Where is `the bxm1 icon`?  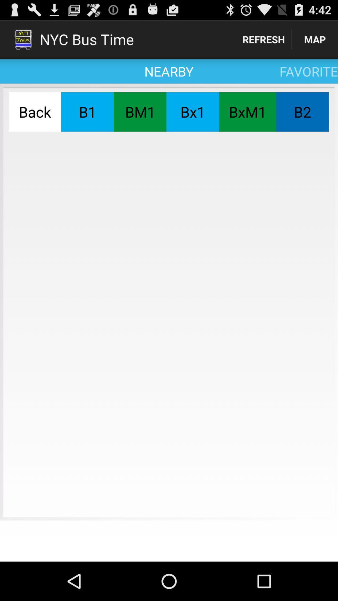 the bxm1 icon is located at coordinates (247, 112).